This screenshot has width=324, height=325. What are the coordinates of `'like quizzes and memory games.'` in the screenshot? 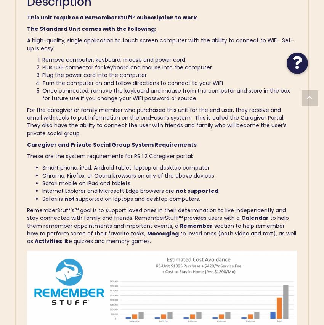 It's located at (106, 241).